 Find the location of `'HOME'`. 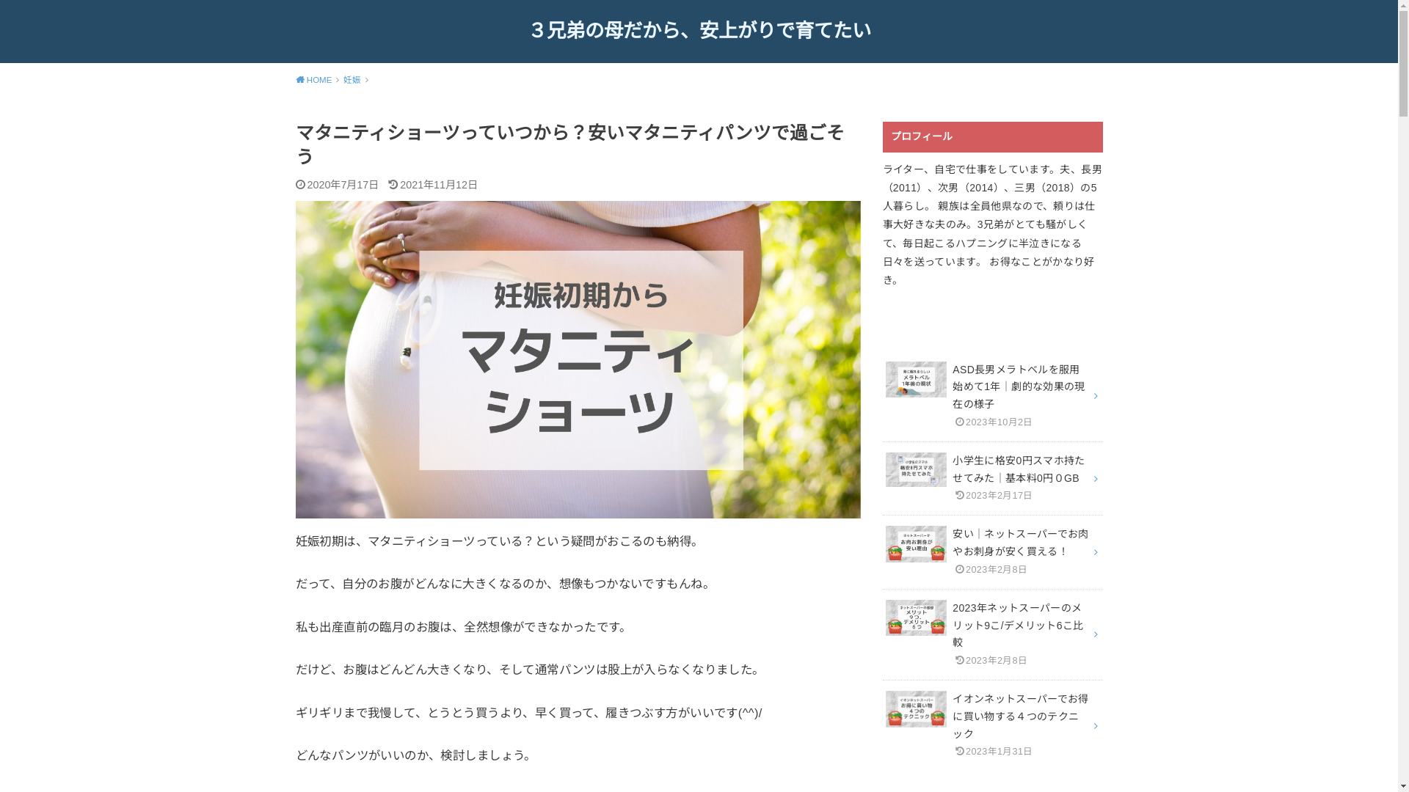

'HOME' is located at coordinates (316, 79).